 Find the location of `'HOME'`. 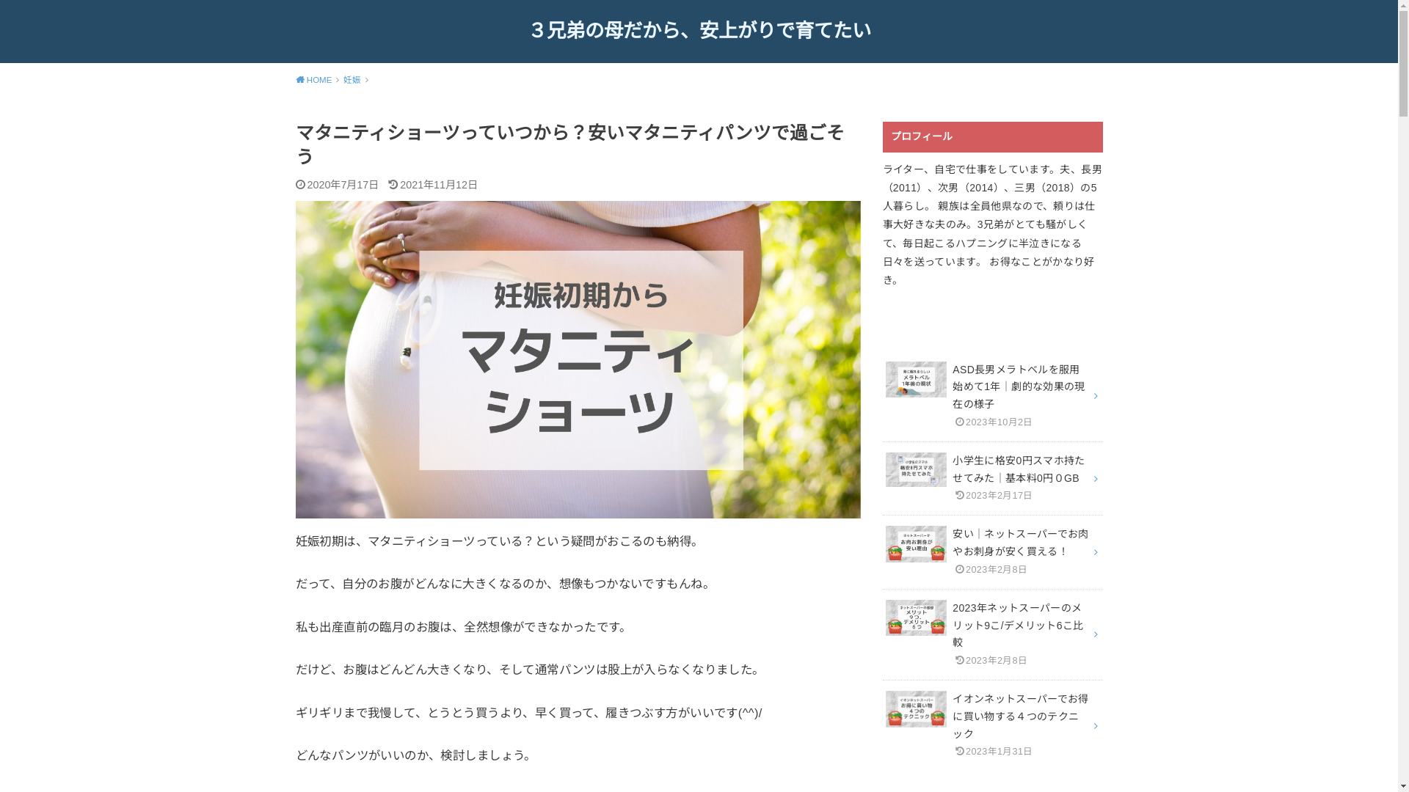

'HOME' is located at coordinates (316, 79).